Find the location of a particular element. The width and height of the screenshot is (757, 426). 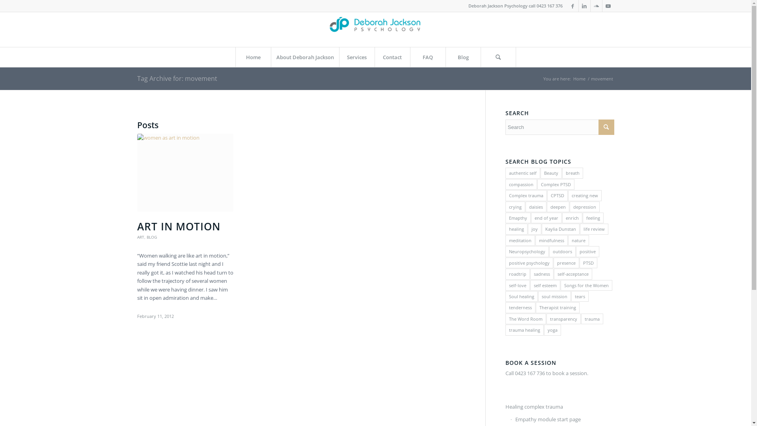

'Songs for the Women' is located at coordinates (586, 285).